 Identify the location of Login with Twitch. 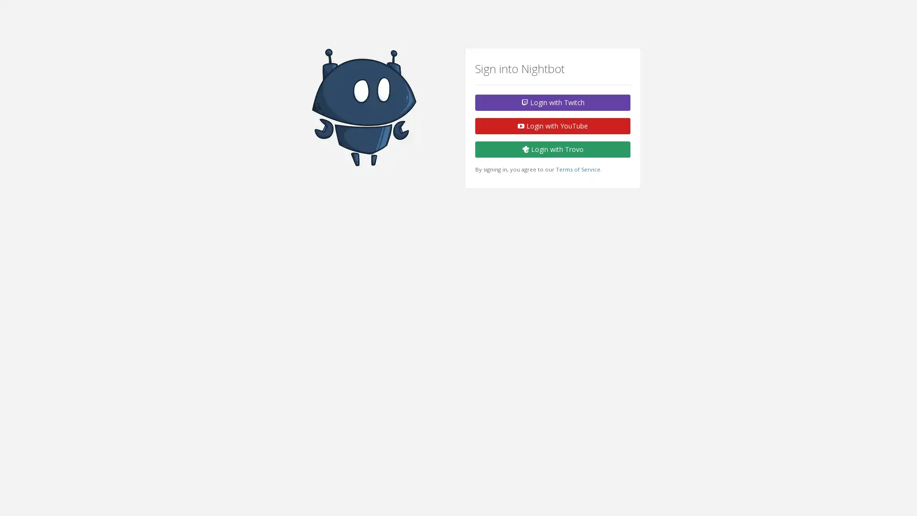
(553, 103).